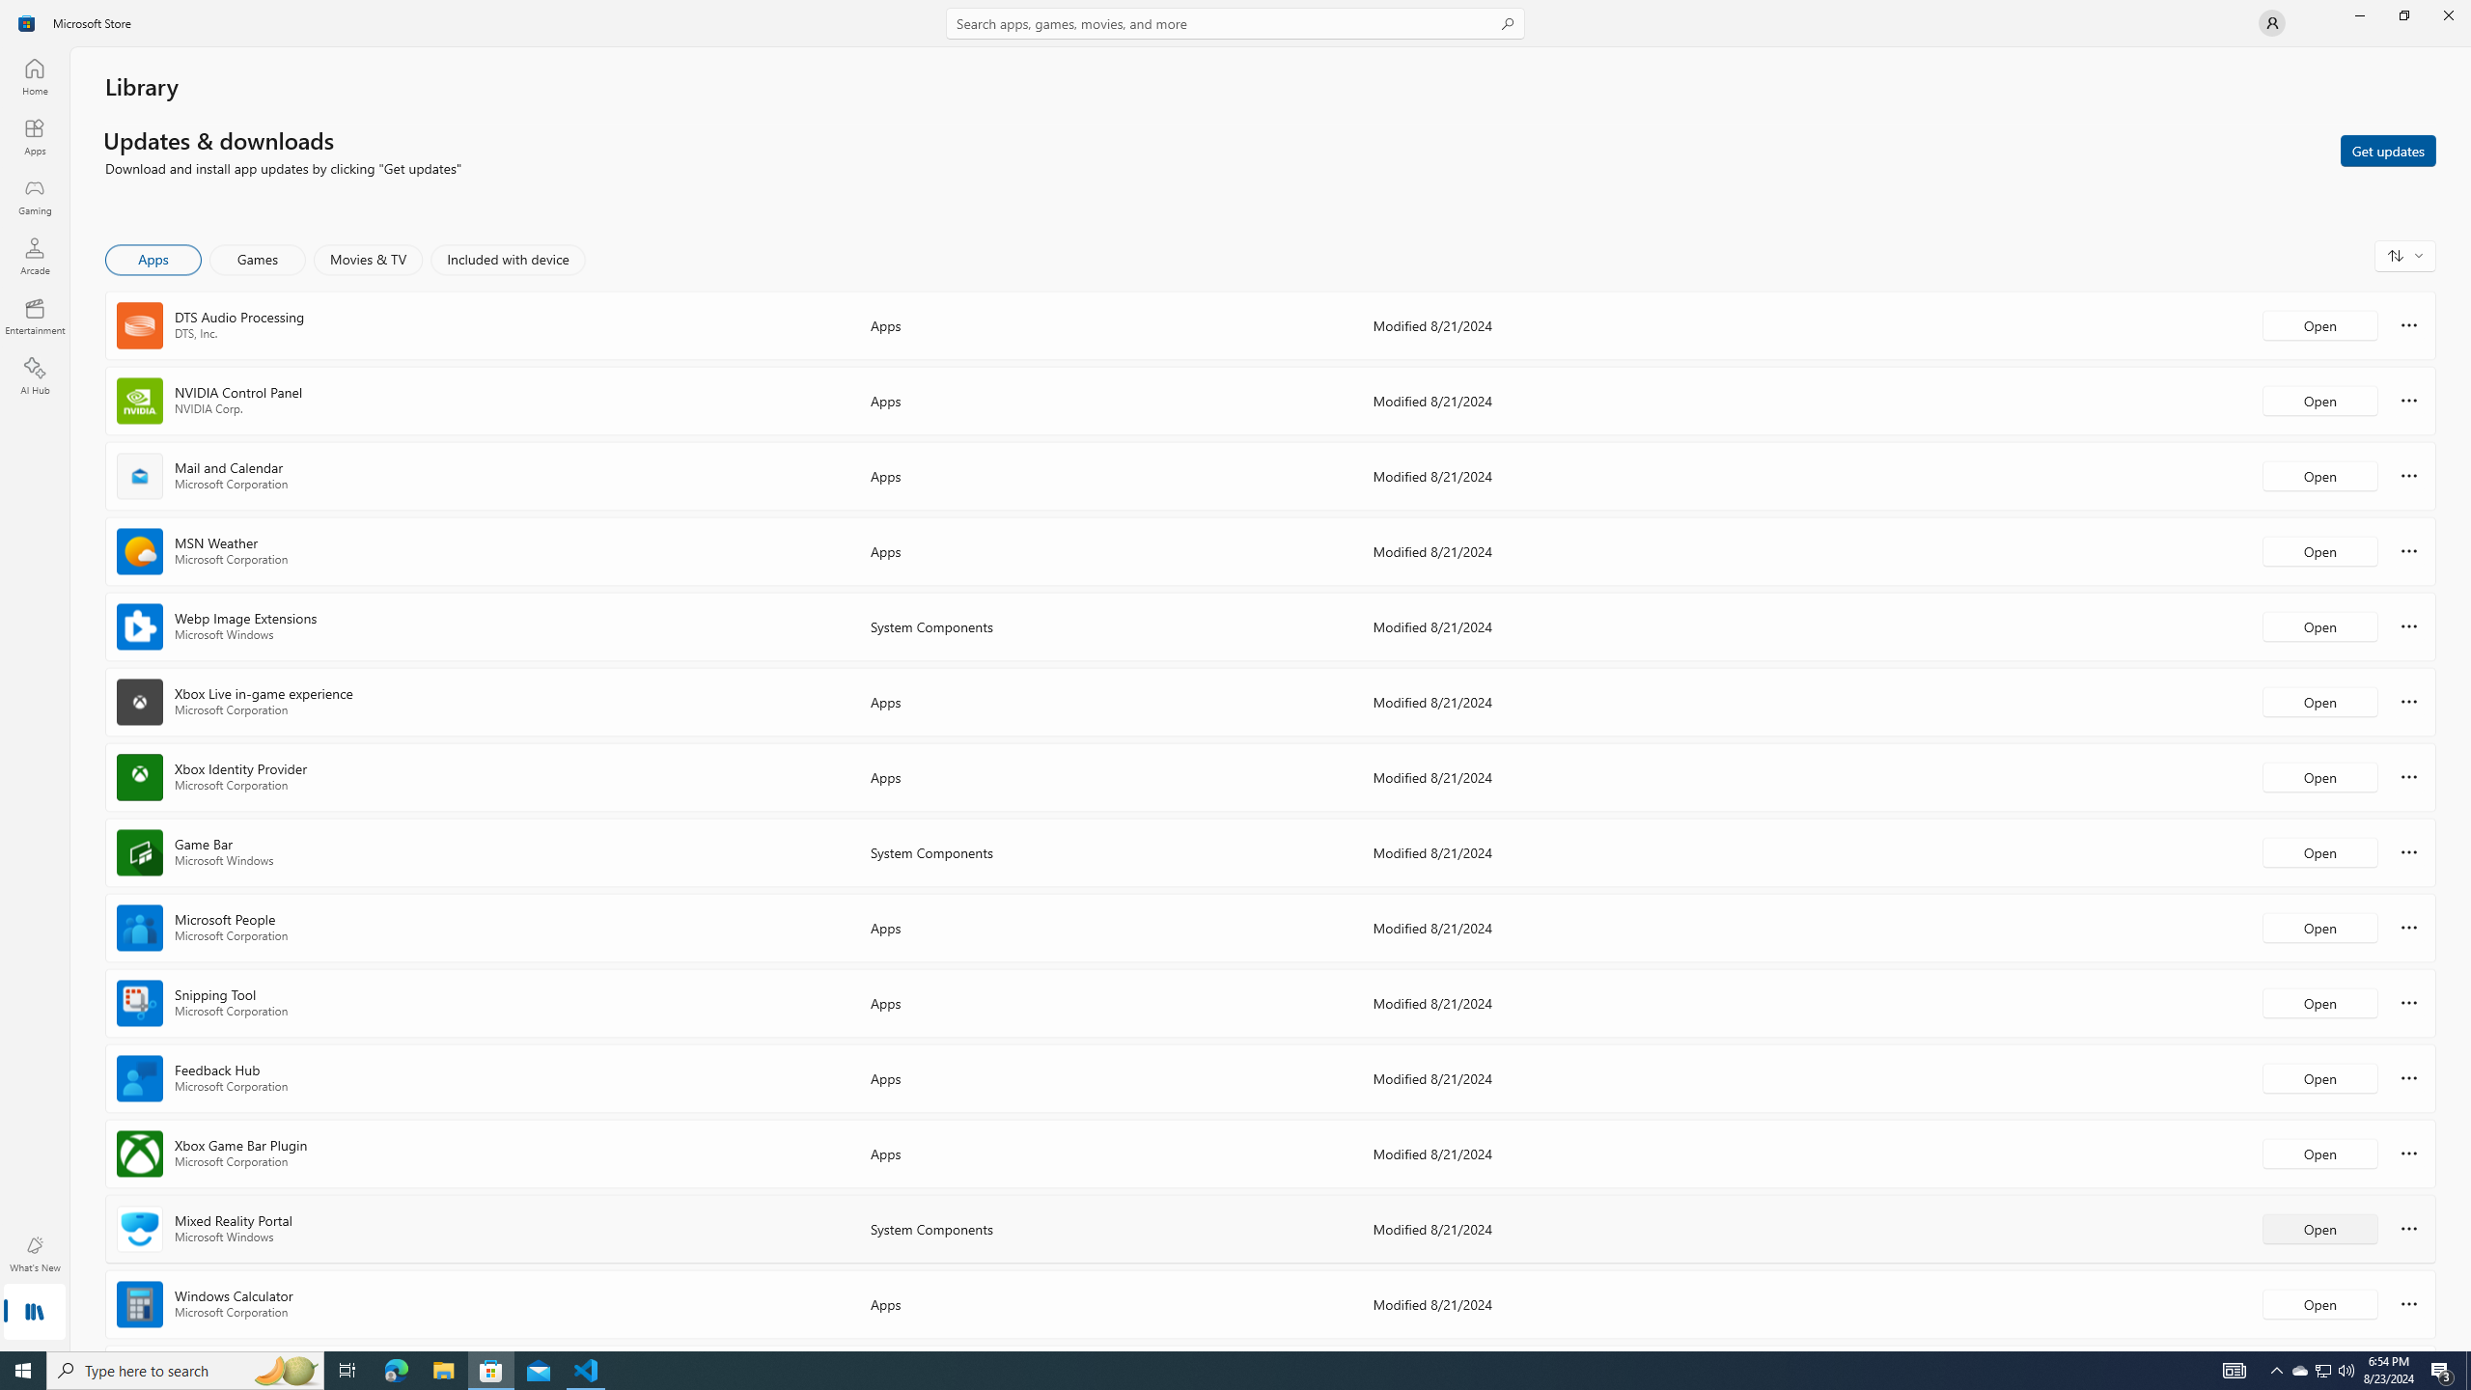 The height and width of the screenshot is (1390, 2471). I want to click on 'Movies & TV', so click(367, 259).